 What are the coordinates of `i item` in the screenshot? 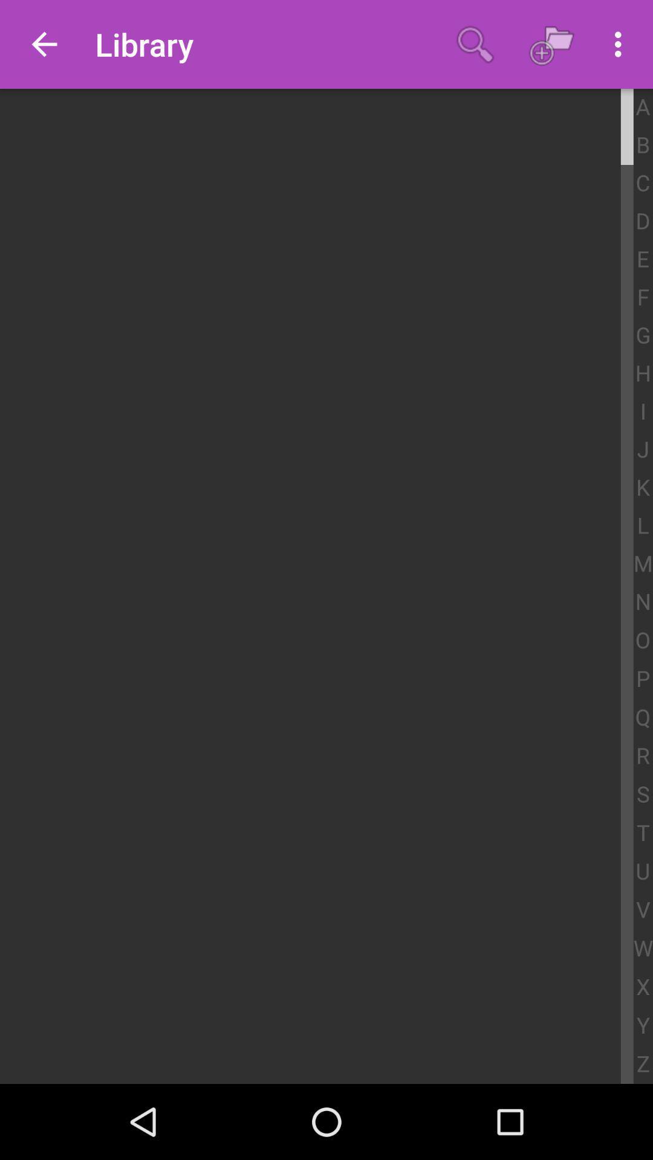 It's located at (642, 412).